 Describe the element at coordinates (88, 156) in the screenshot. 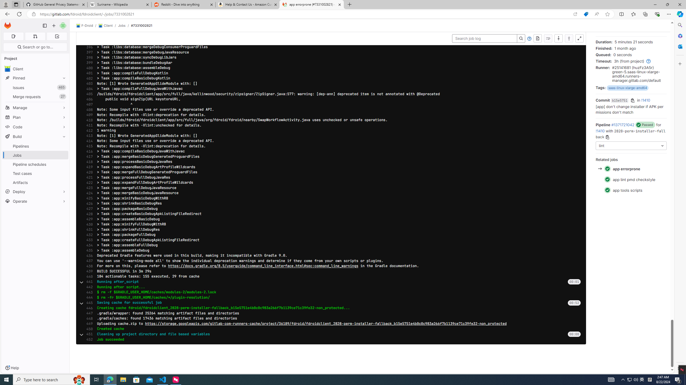

I see `'417'` at that location.